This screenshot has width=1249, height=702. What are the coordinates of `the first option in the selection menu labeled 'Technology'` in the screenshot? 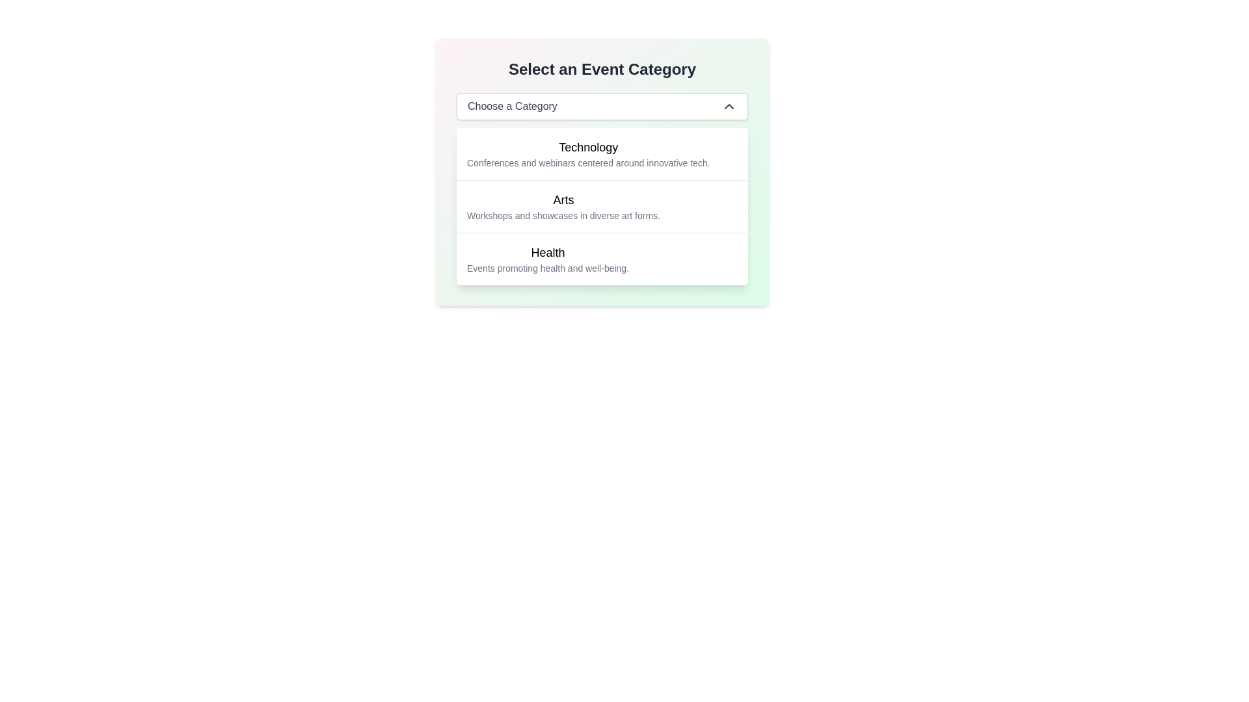 It's located at (602, 153).